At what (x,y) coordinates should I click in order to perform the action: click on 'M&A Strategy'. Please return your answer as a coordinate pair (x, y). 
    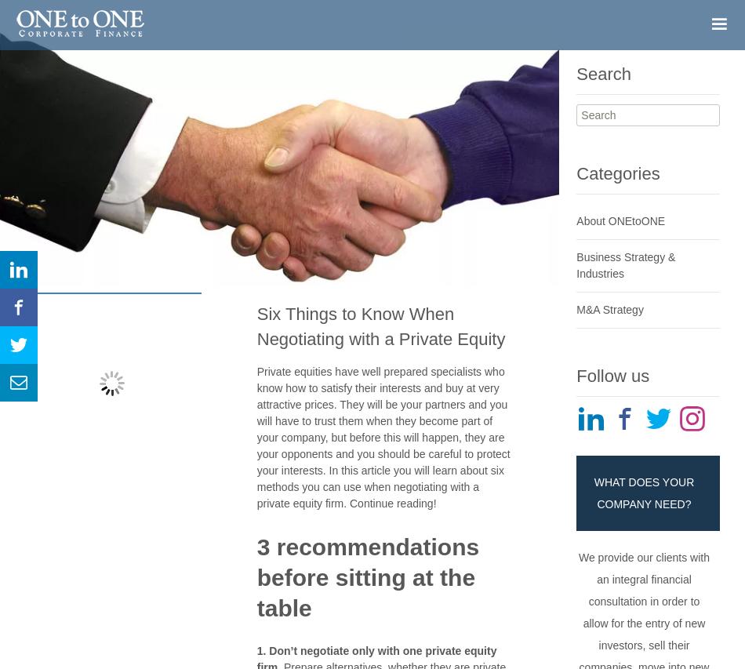
    Looking at the image, I should click on (609, 309).